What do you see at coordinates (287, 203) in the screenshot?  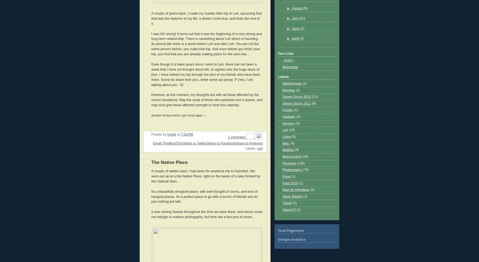 I see `'Travel'` at bounding box center [287, 203].